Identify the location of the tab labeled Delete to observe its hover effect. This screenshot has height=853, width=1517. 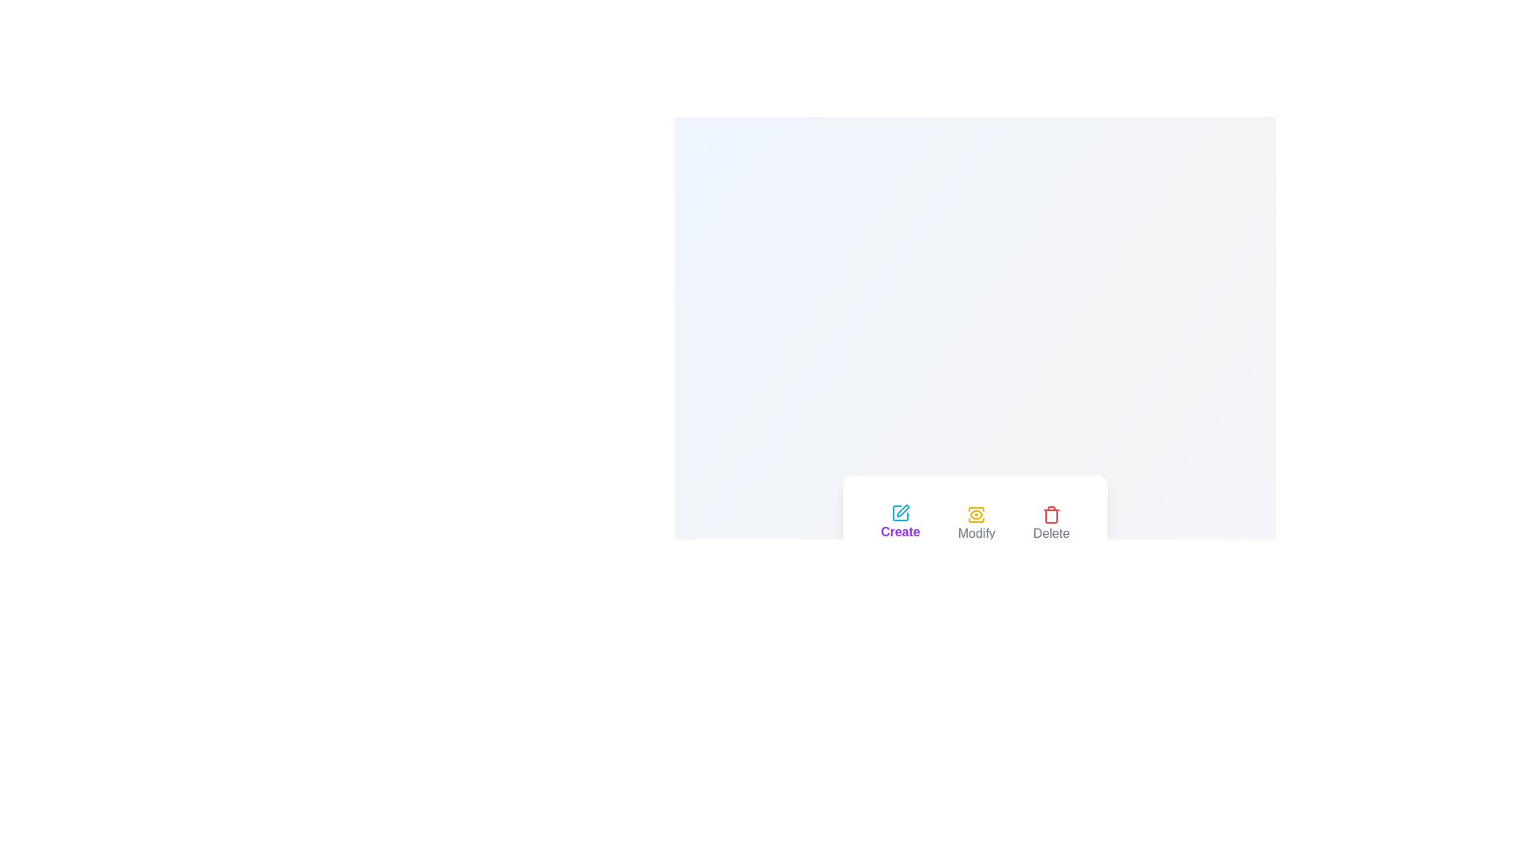
(1051, 524).